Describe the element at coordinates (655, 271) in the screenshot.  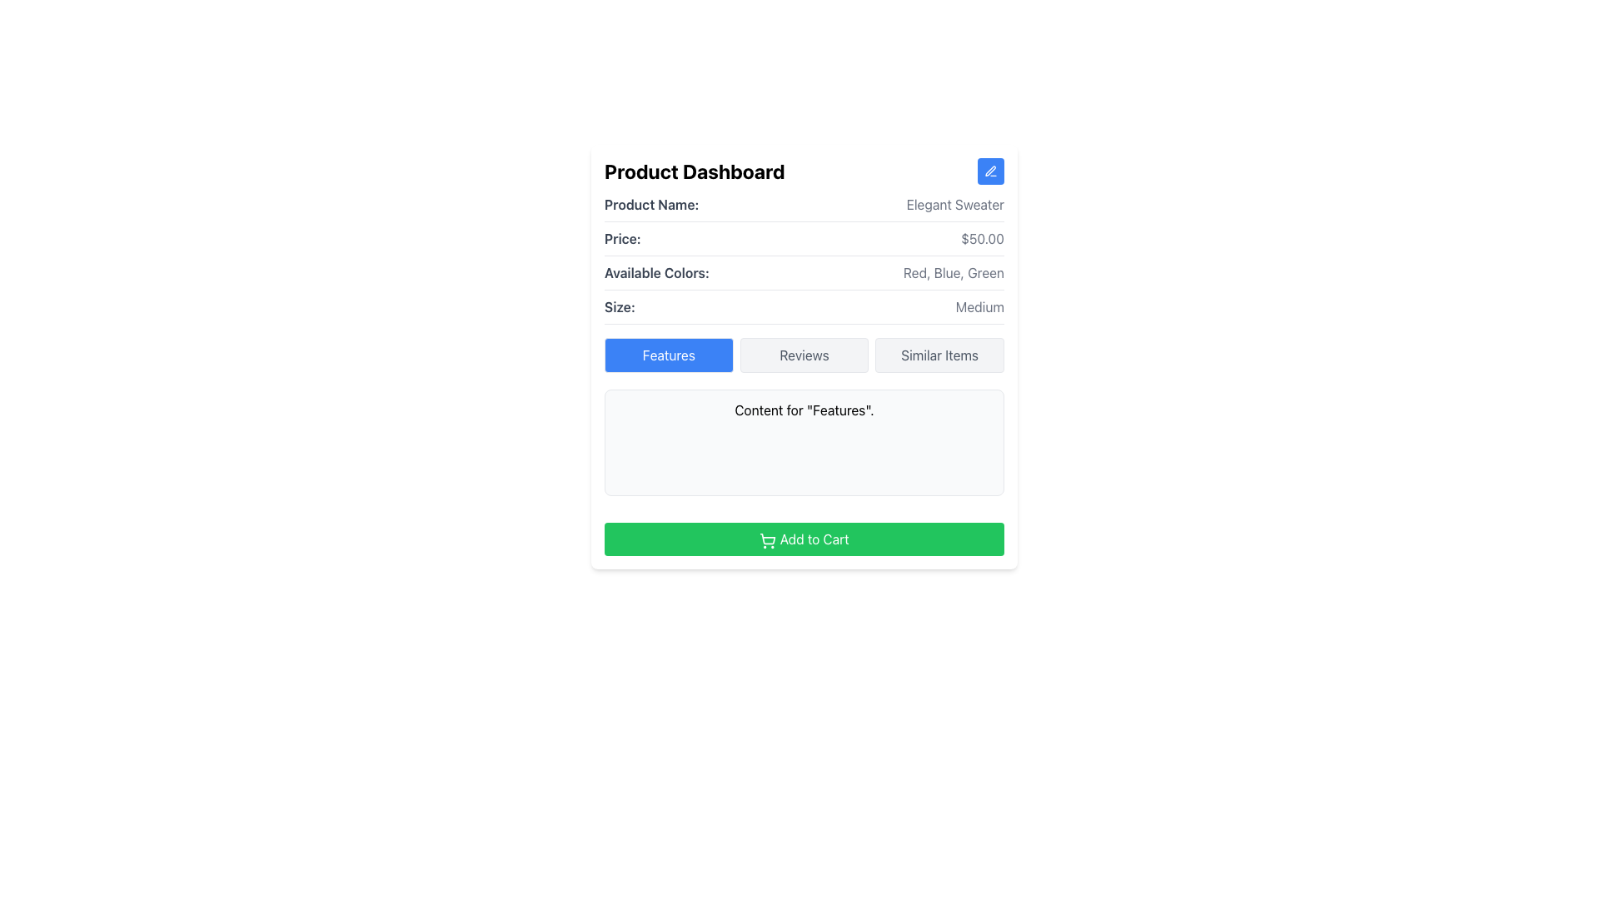
I see `the text label displaying 'Available Colors:' which is styled with a bold font and gray color, positioned in a horizontal layout, aligned to the left of the color description text` at that location.